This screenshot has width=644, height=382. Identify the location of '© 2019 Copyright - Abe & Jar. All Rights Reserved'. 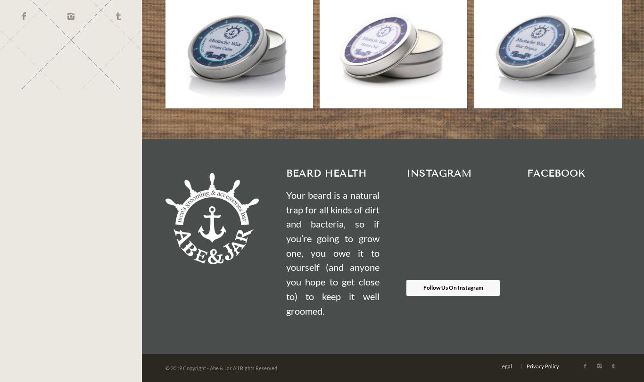
(221, 366).